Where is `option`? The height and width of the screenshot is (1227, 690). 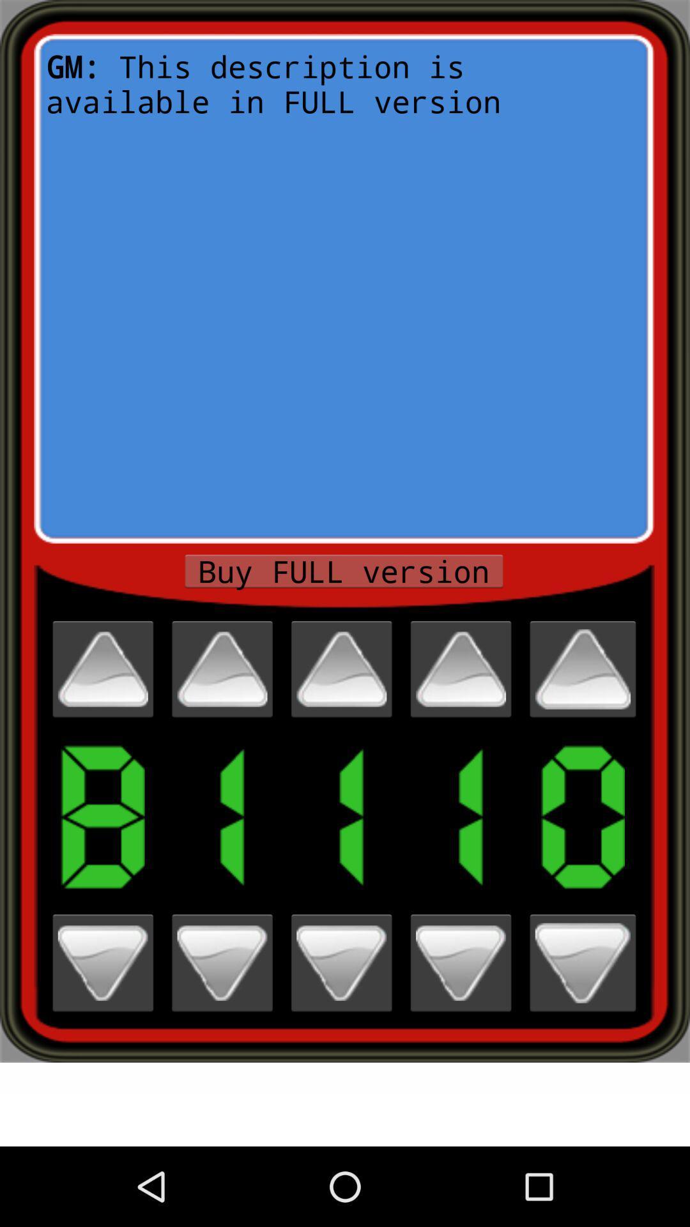
option is located at coordinates (583, 668).